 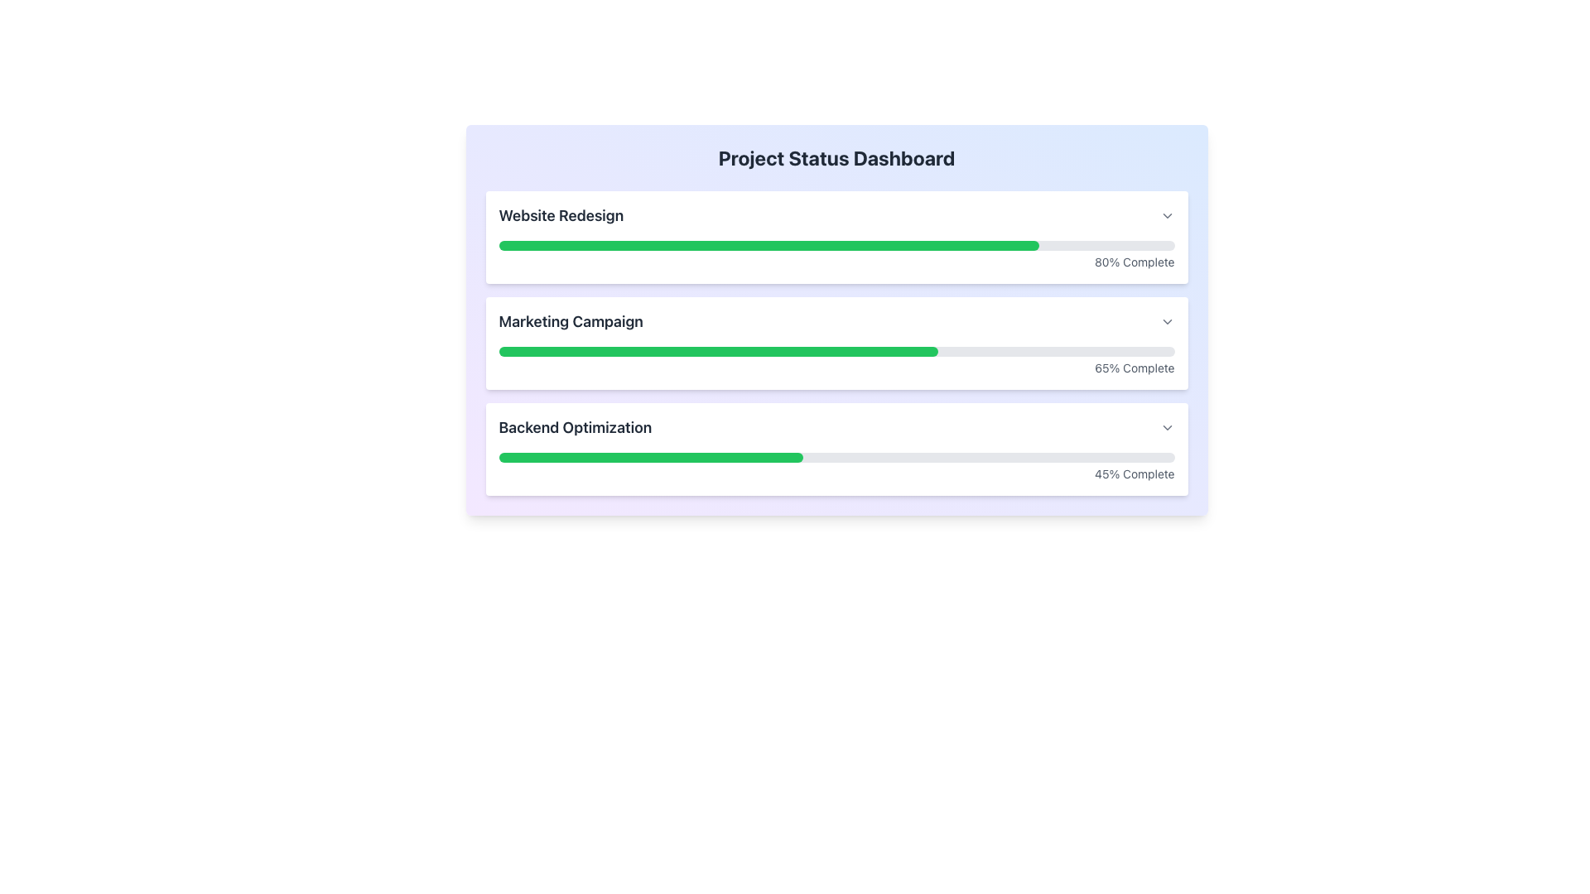 What do you see at coordinates (1166, 322) in the screenshot?
I see `the Dropdown arrow icon located at the far-right end of the 'Marketing Campaign' section to change its shade` at bounding box center [1166, 322].